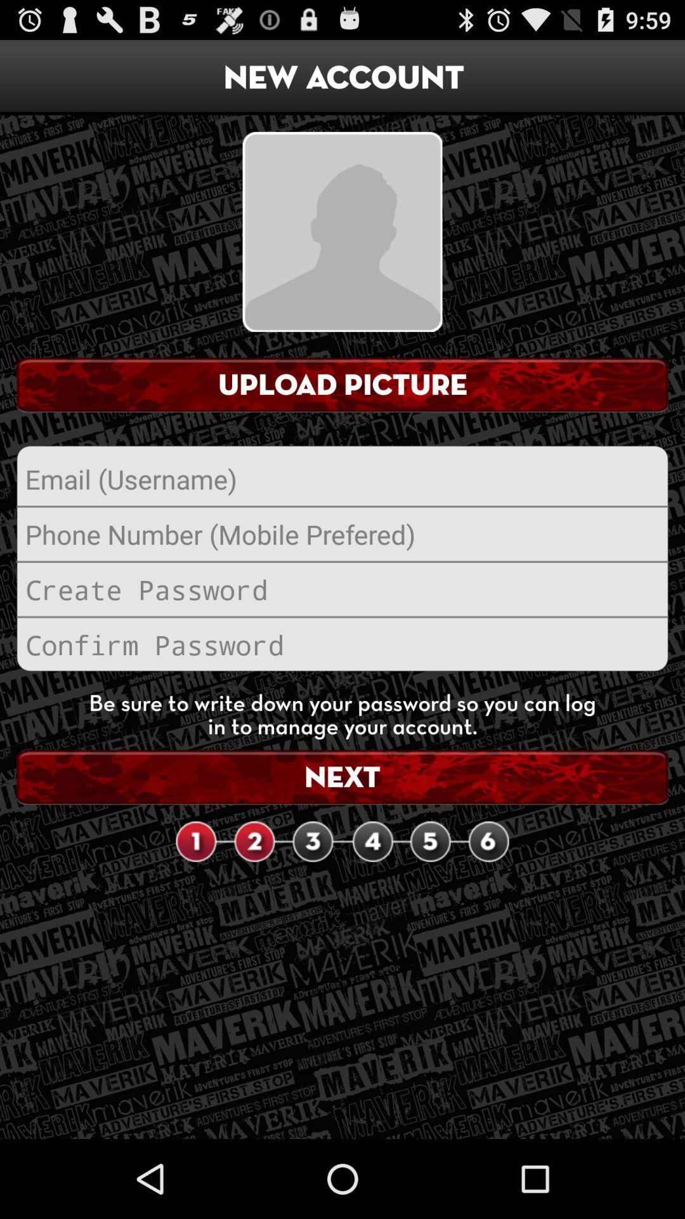  What do you see at coordinates (342, 644) in the screenshot?
I see `password` at bounding box center [342, 644].